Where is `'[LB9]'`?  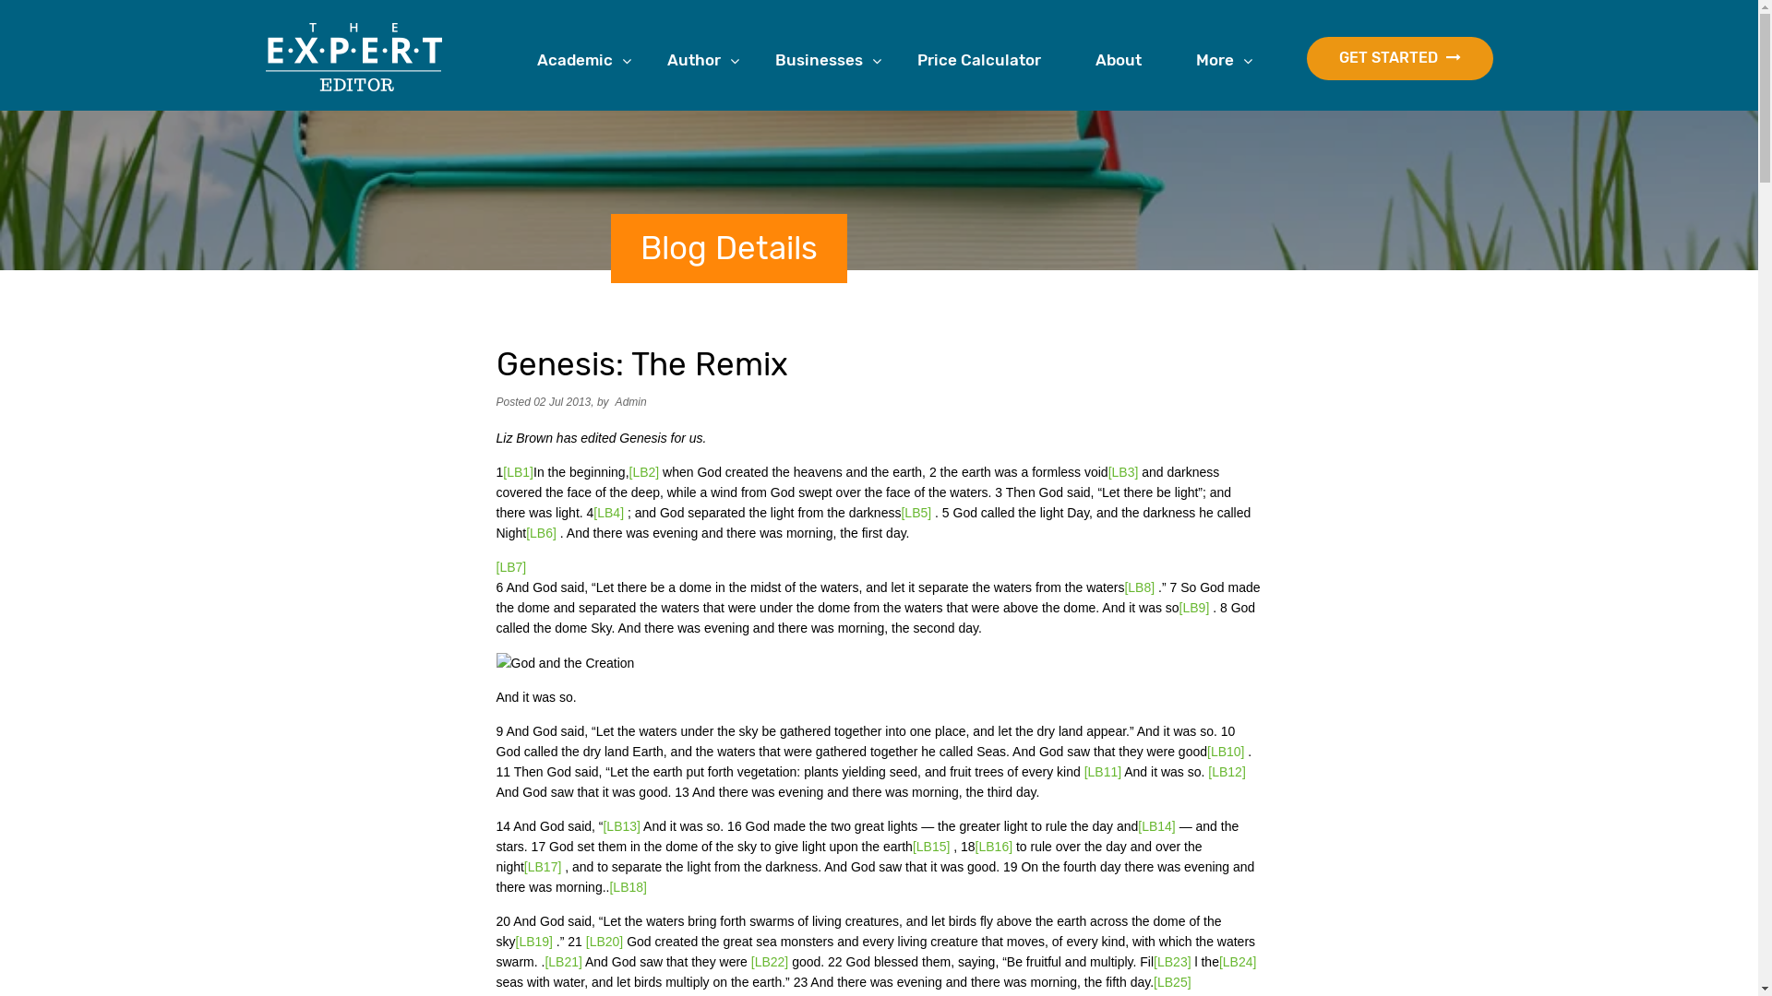
'[LB9]' is located at coordinates (1194, 608).